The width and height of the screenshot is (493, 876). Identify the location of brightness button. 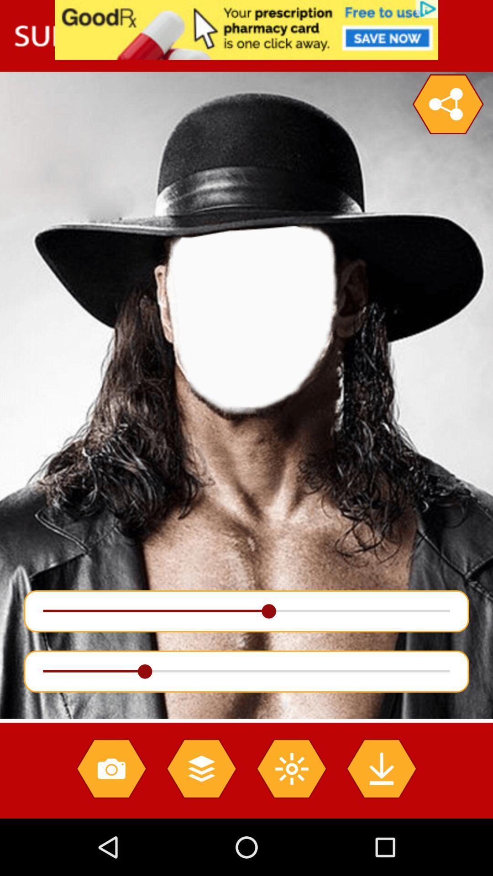
(291, 768).